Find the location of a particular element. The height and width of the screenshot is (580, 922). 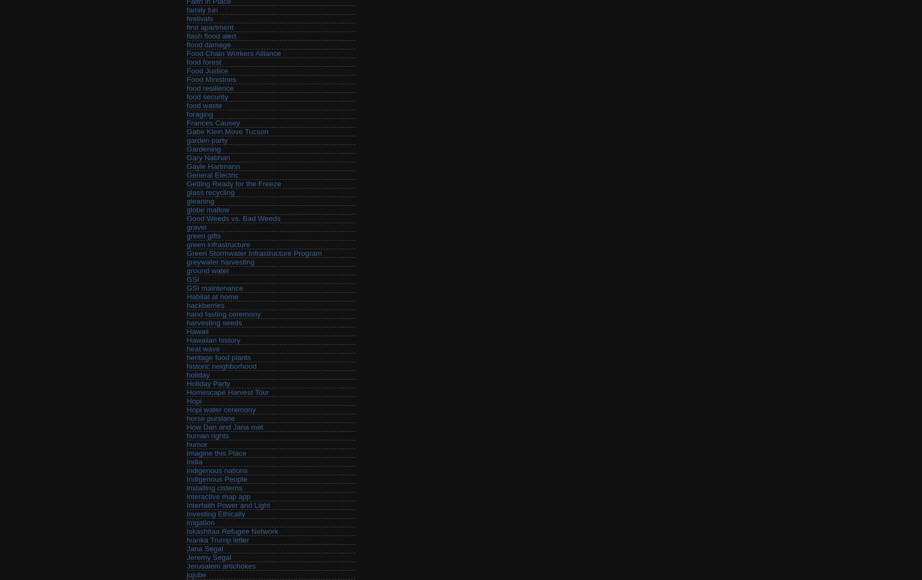

'Frances Causey' is located at coordinates (212, 123).